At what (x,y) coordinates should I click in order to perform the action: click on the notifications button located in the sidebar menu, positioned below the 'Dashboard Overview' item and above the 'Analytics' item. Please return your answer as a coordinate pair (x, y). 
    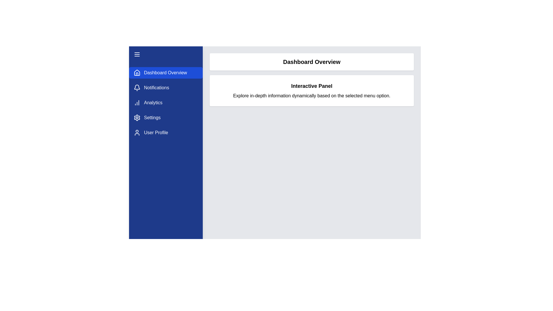
    Looking at the image, I should click on (166, 88).